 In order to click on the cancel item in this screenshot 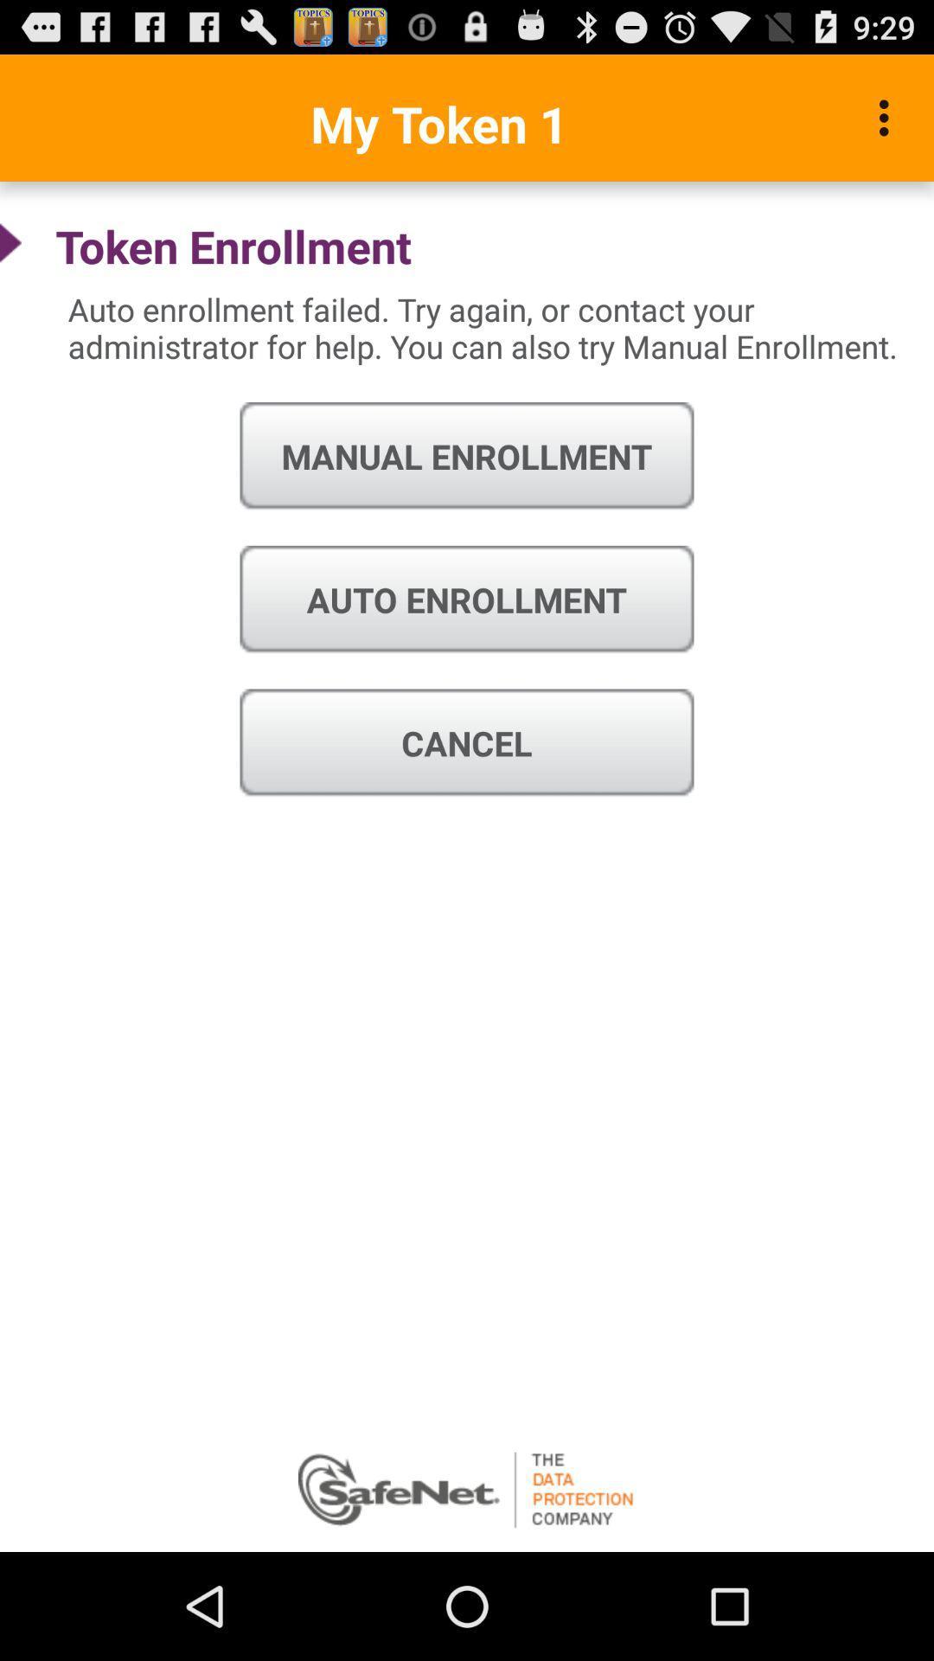, I will do `click(467, 743)`.